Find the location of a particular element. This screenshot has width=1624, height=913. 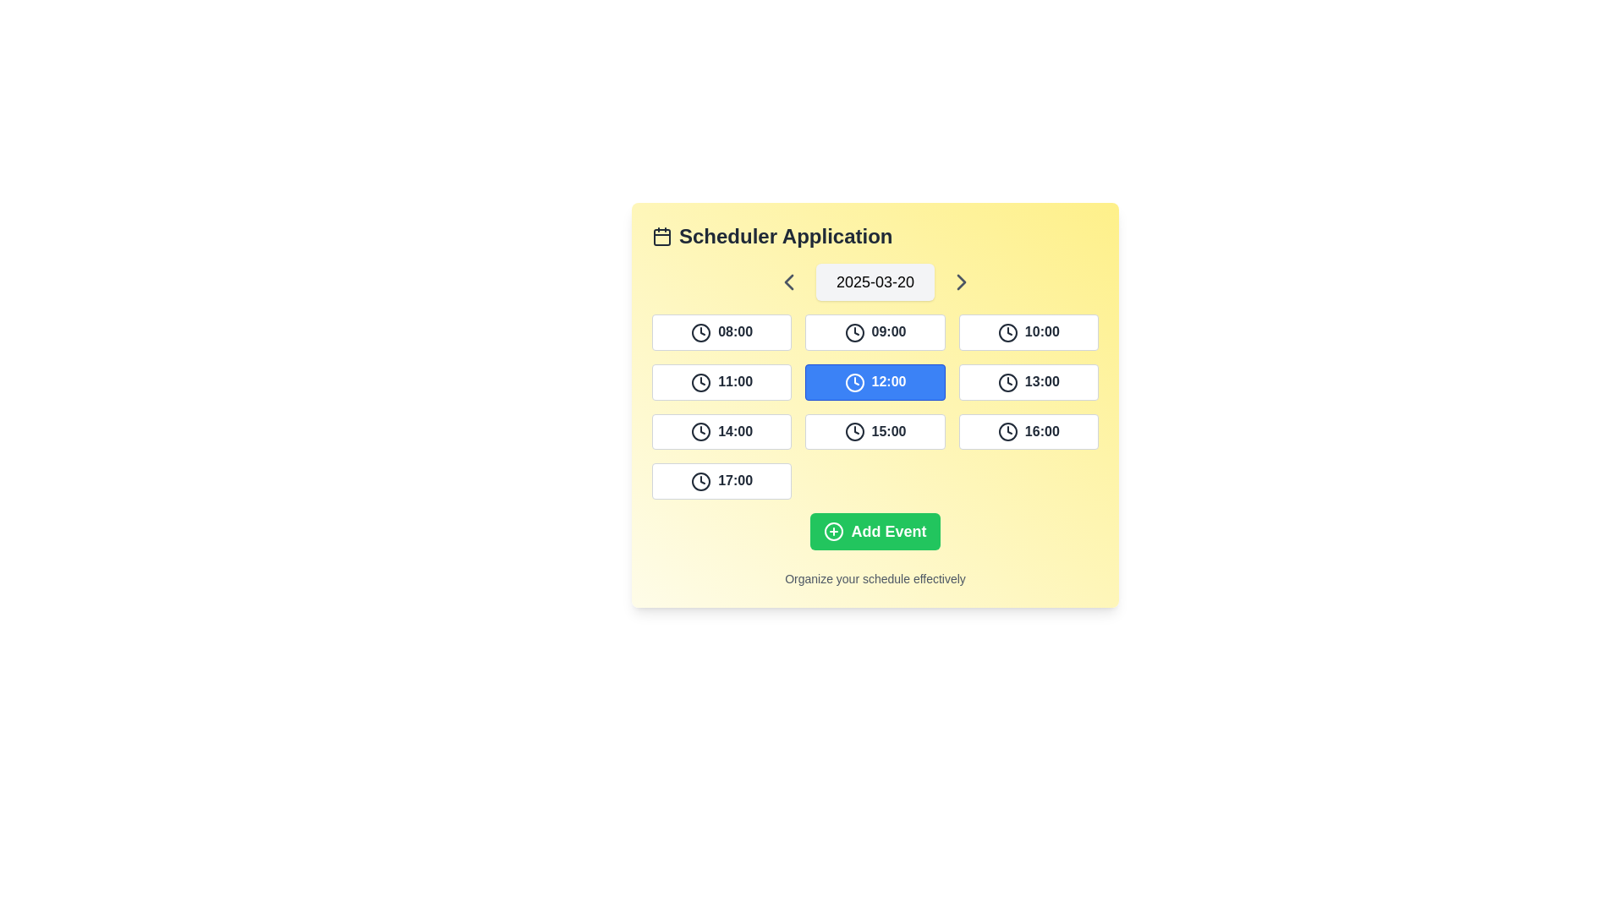

the clock icon SVG graphic located in the center of the '12:00' button within the time scheduler grid is located at coordinates (854, 382).